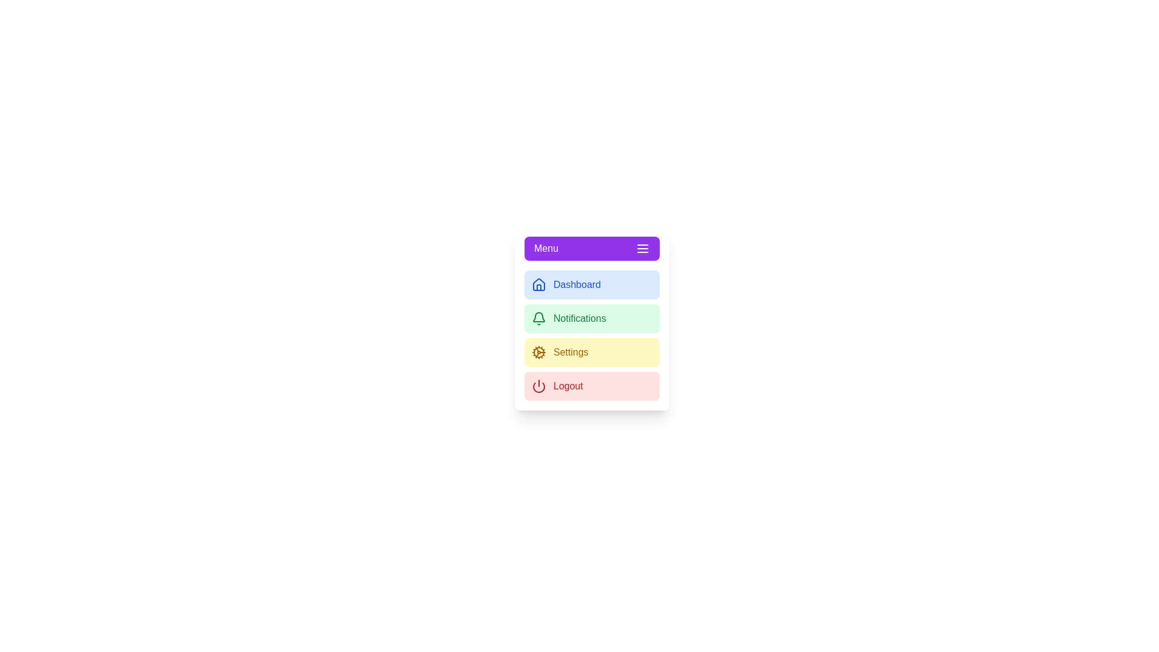  What do you see at coordinates (538, 284) in the screenshot?
I see `the icon of the menu item Dashboard to inspect it` at bounding box center [538, 284].